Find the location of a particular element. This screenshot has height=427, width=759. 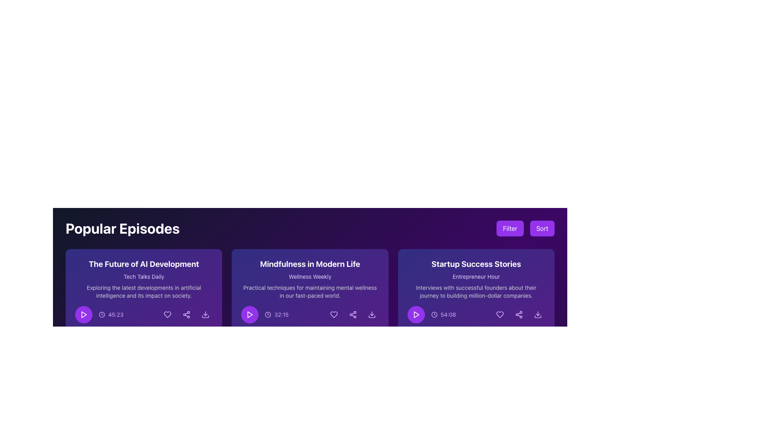

the purple gradient progress bar located in the 'Mindfulness in Modern Life' card, positioned below the playback controls and duration label is located at coordinates (272, 331).